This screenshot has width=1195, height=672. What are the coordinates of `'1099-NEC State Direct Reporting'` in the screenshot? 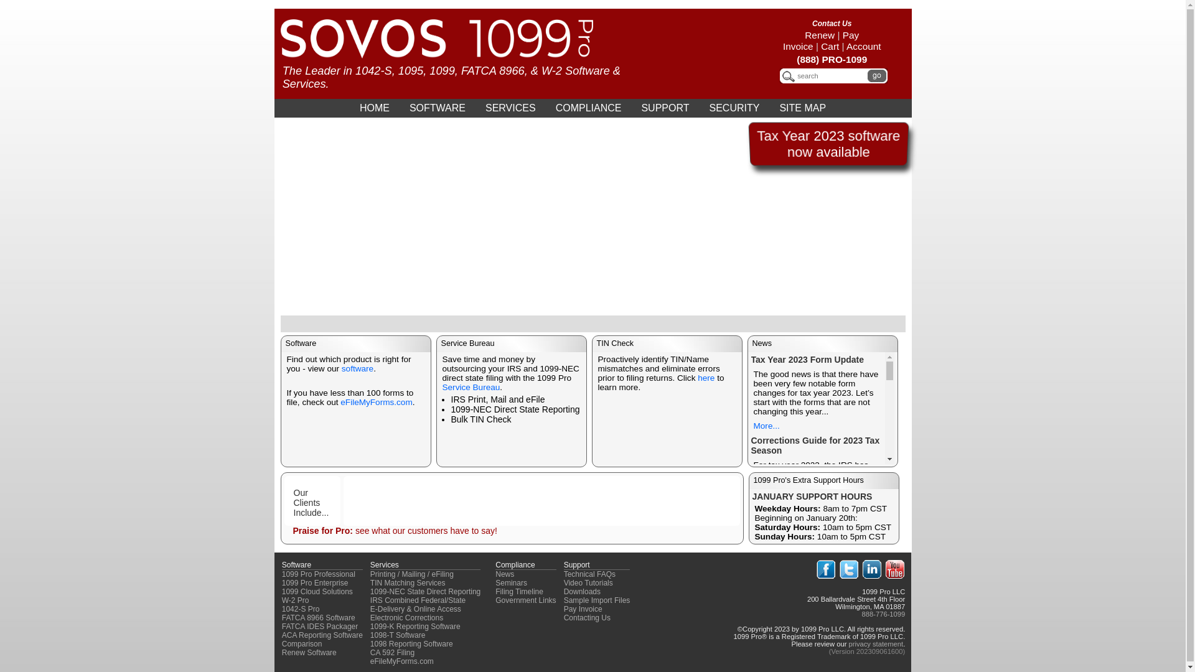 It's located at (425, 591).